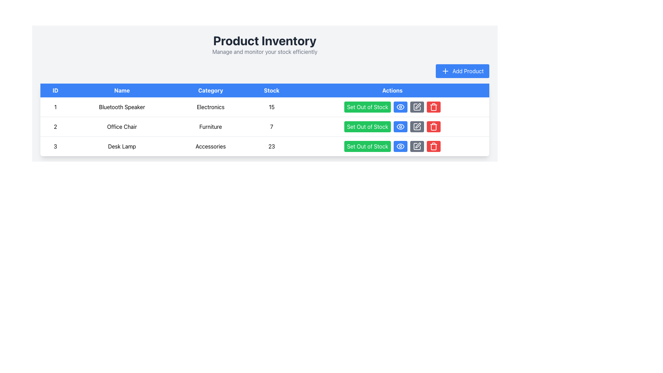  Describe the element at coordinates (401, 107) in the screenshot. I see `the eye-shaped icon with a minimalist outline located in the Actions column of the table for the Bluetooth Speaker item` at that location.